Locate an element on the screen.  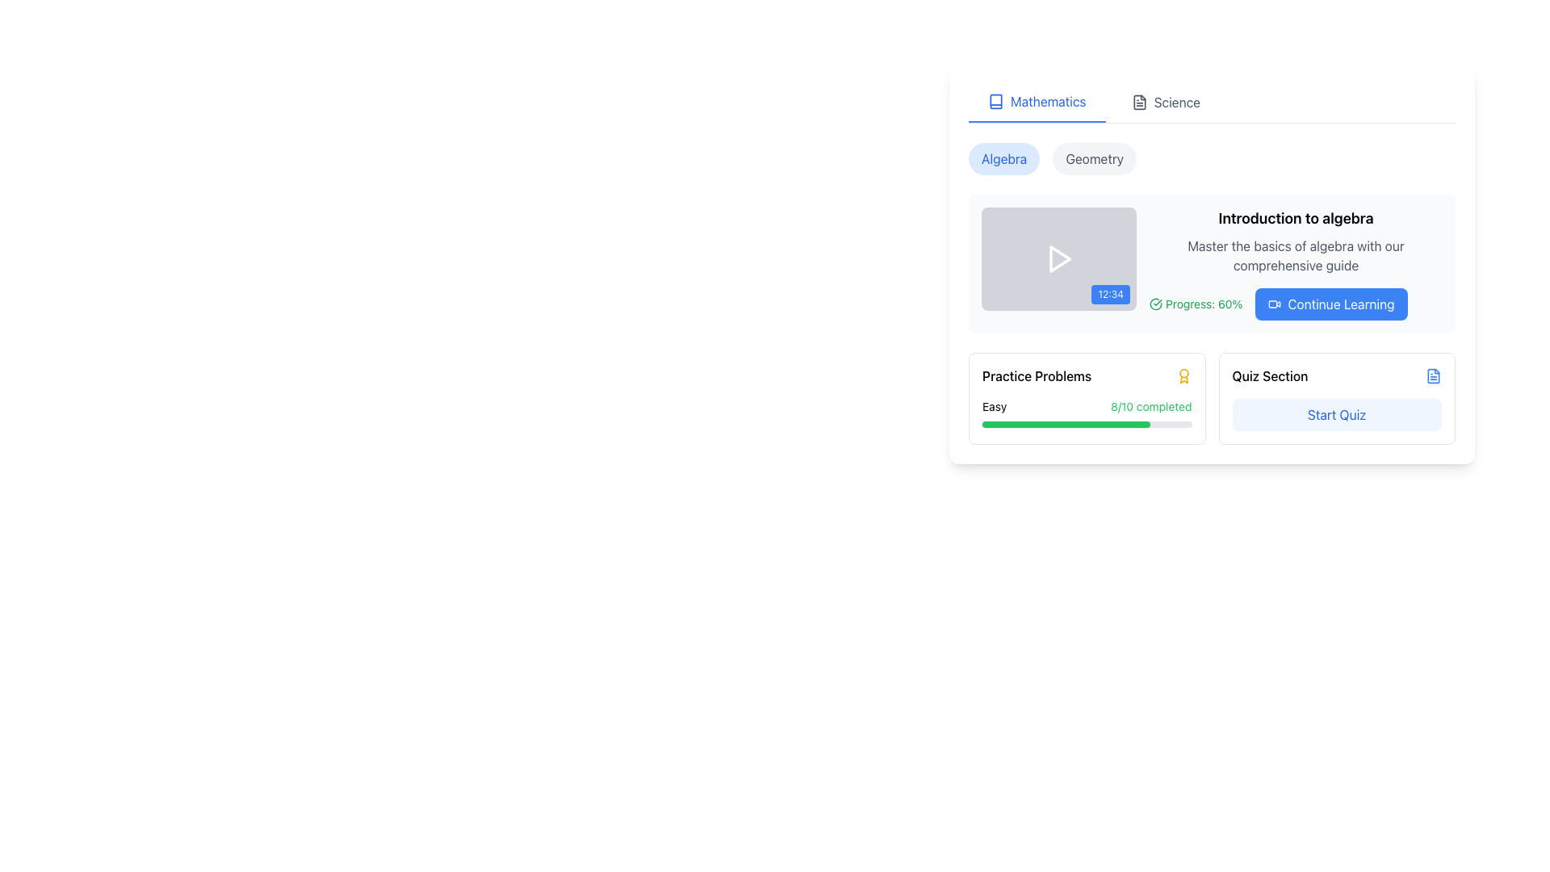
the yellow award or badge icon located in the top-right corner of the 'Practice Problems' section, adjacent to the text 'Practice Problems' is located at coordinates (1183, 376).